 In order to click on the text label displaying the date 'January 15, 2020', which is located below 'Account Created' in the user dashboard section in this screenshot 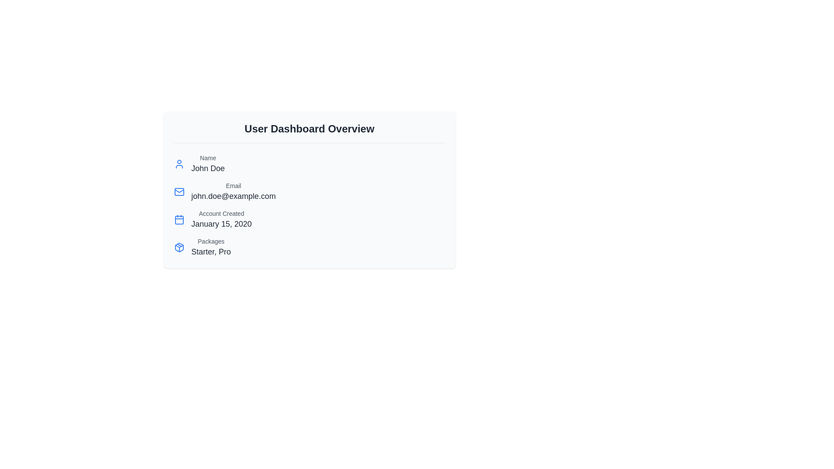, I will do `click(222, 224)`.